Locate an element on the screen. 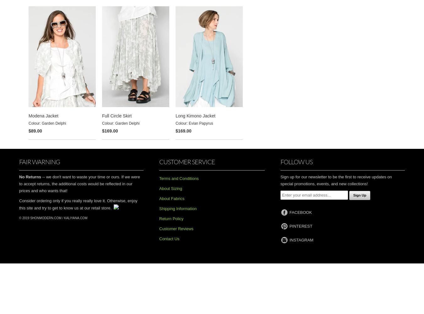 Image resolution: width=424 pixels, height=314 pixels. '-- we don't want to waste your time or ours. If we were to accept returns, the additional costs would be reflected in our prices and who wants that!' is located at coordinates (79, 183).